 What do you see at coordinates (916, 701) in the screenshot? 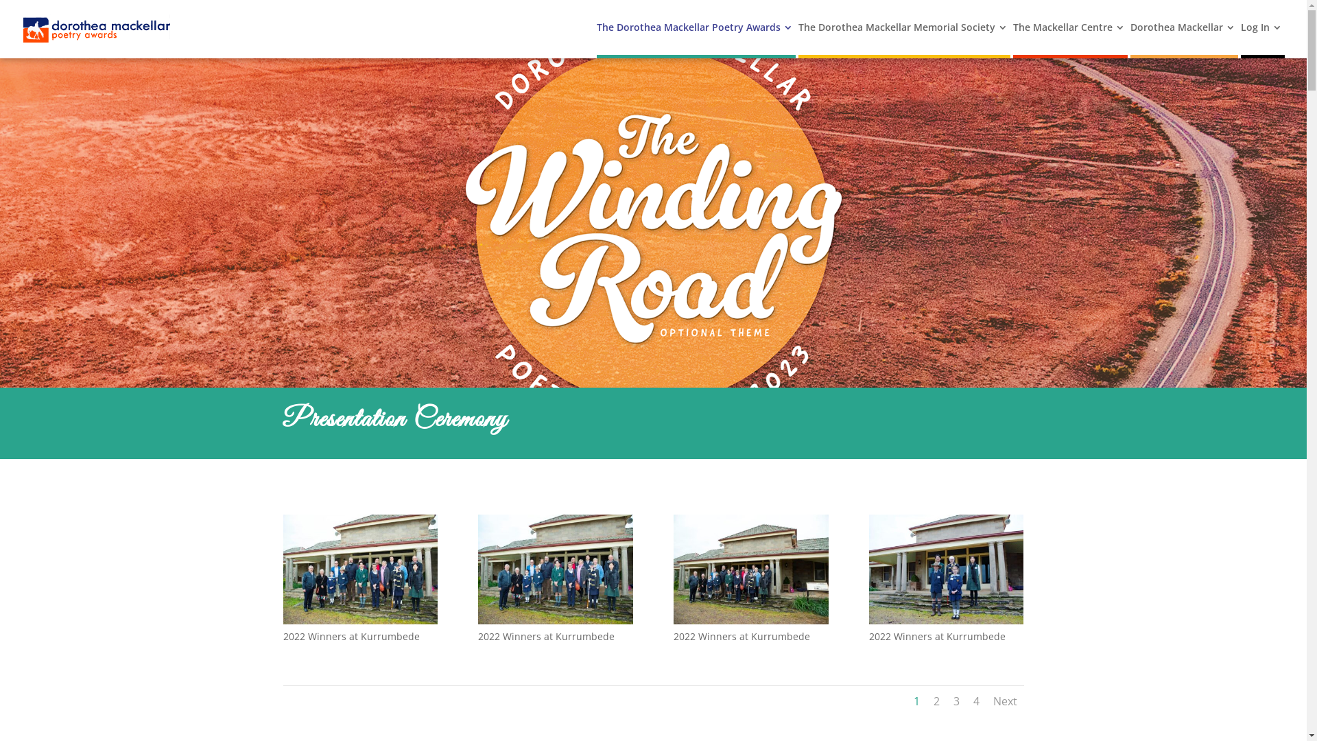
I see `'1'` at bounding box center [916, 701].